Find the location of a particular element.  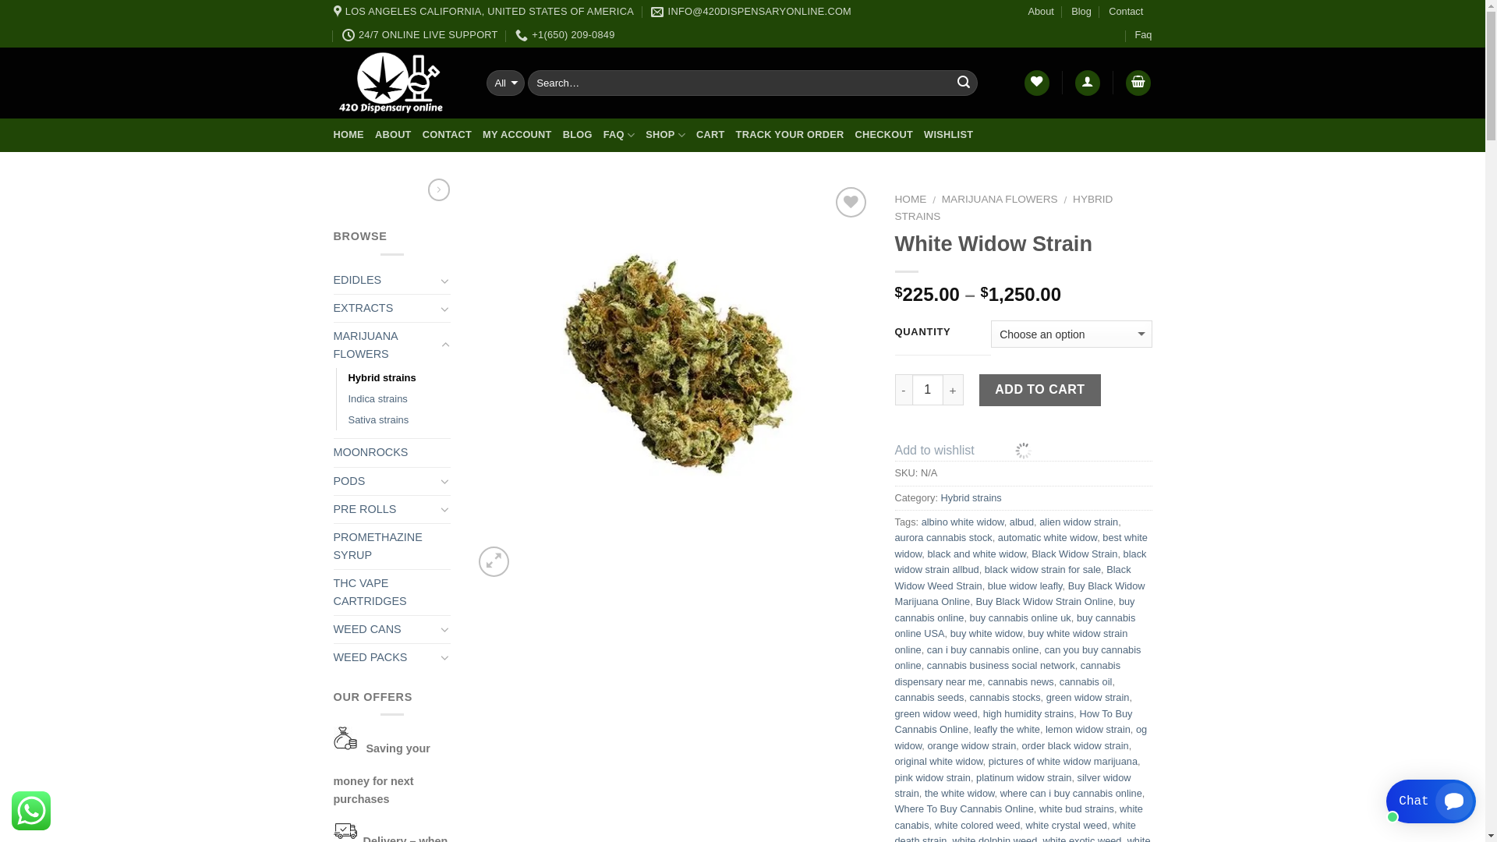

'alien widow strain' is located at coordinates (1078, 522).